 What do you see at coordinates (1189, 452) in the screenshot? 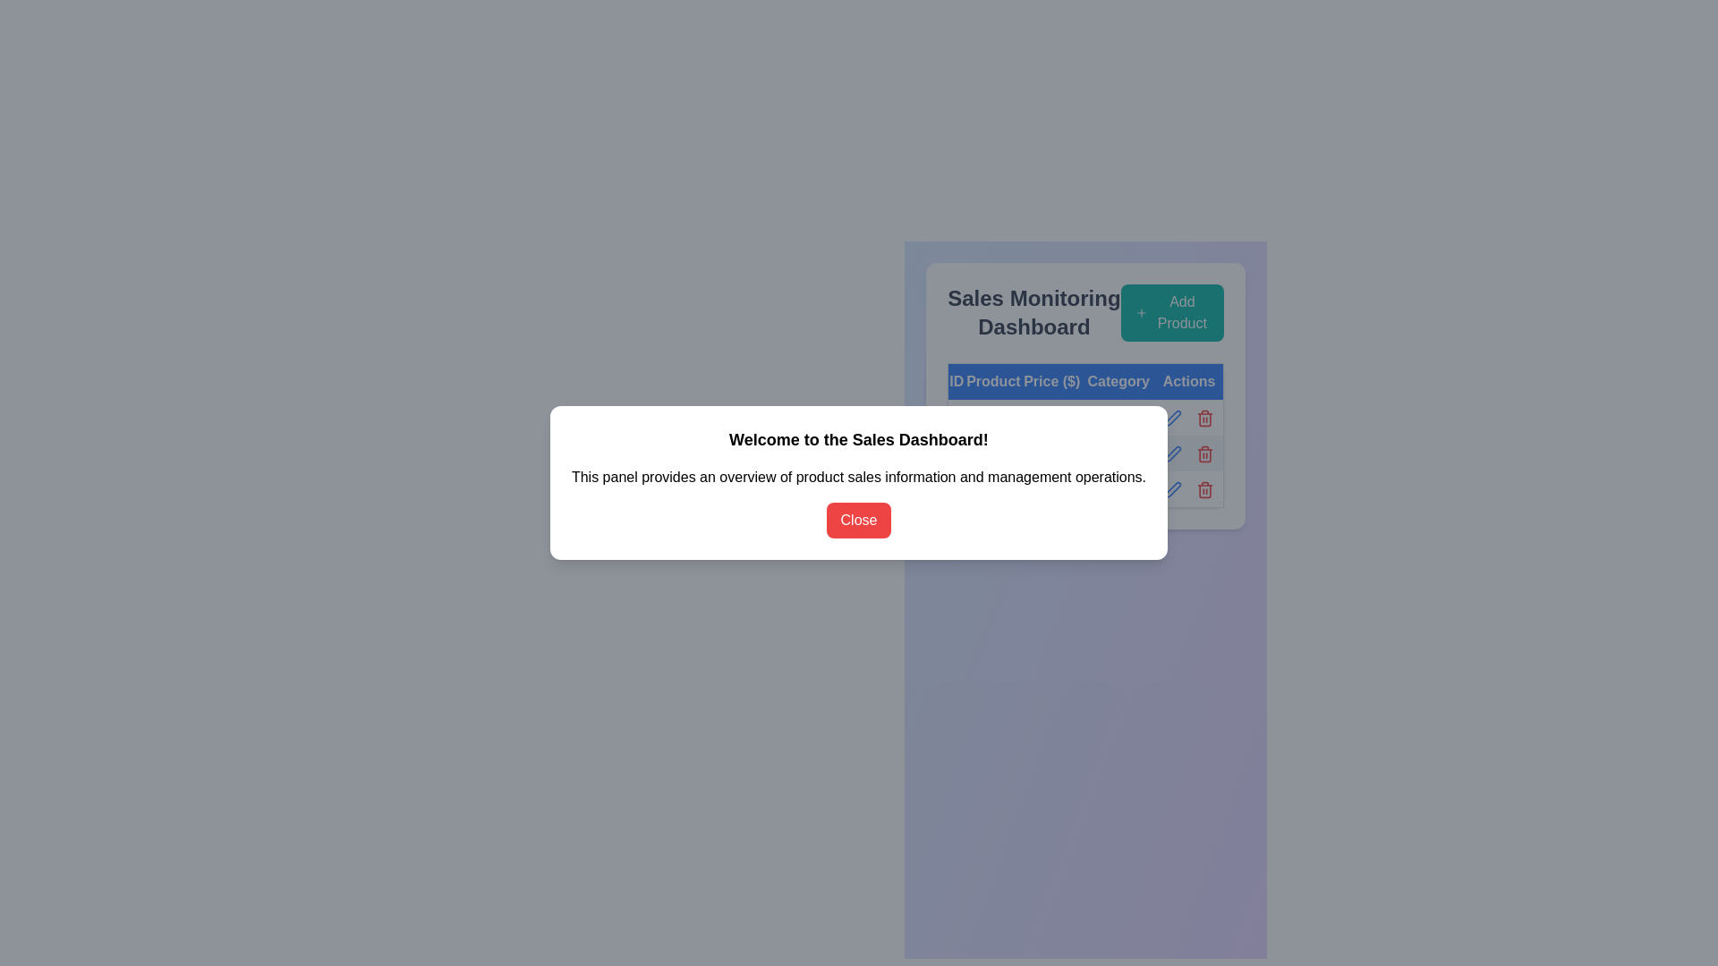
I see `the delete icon` at bounding box center [1189, 452].